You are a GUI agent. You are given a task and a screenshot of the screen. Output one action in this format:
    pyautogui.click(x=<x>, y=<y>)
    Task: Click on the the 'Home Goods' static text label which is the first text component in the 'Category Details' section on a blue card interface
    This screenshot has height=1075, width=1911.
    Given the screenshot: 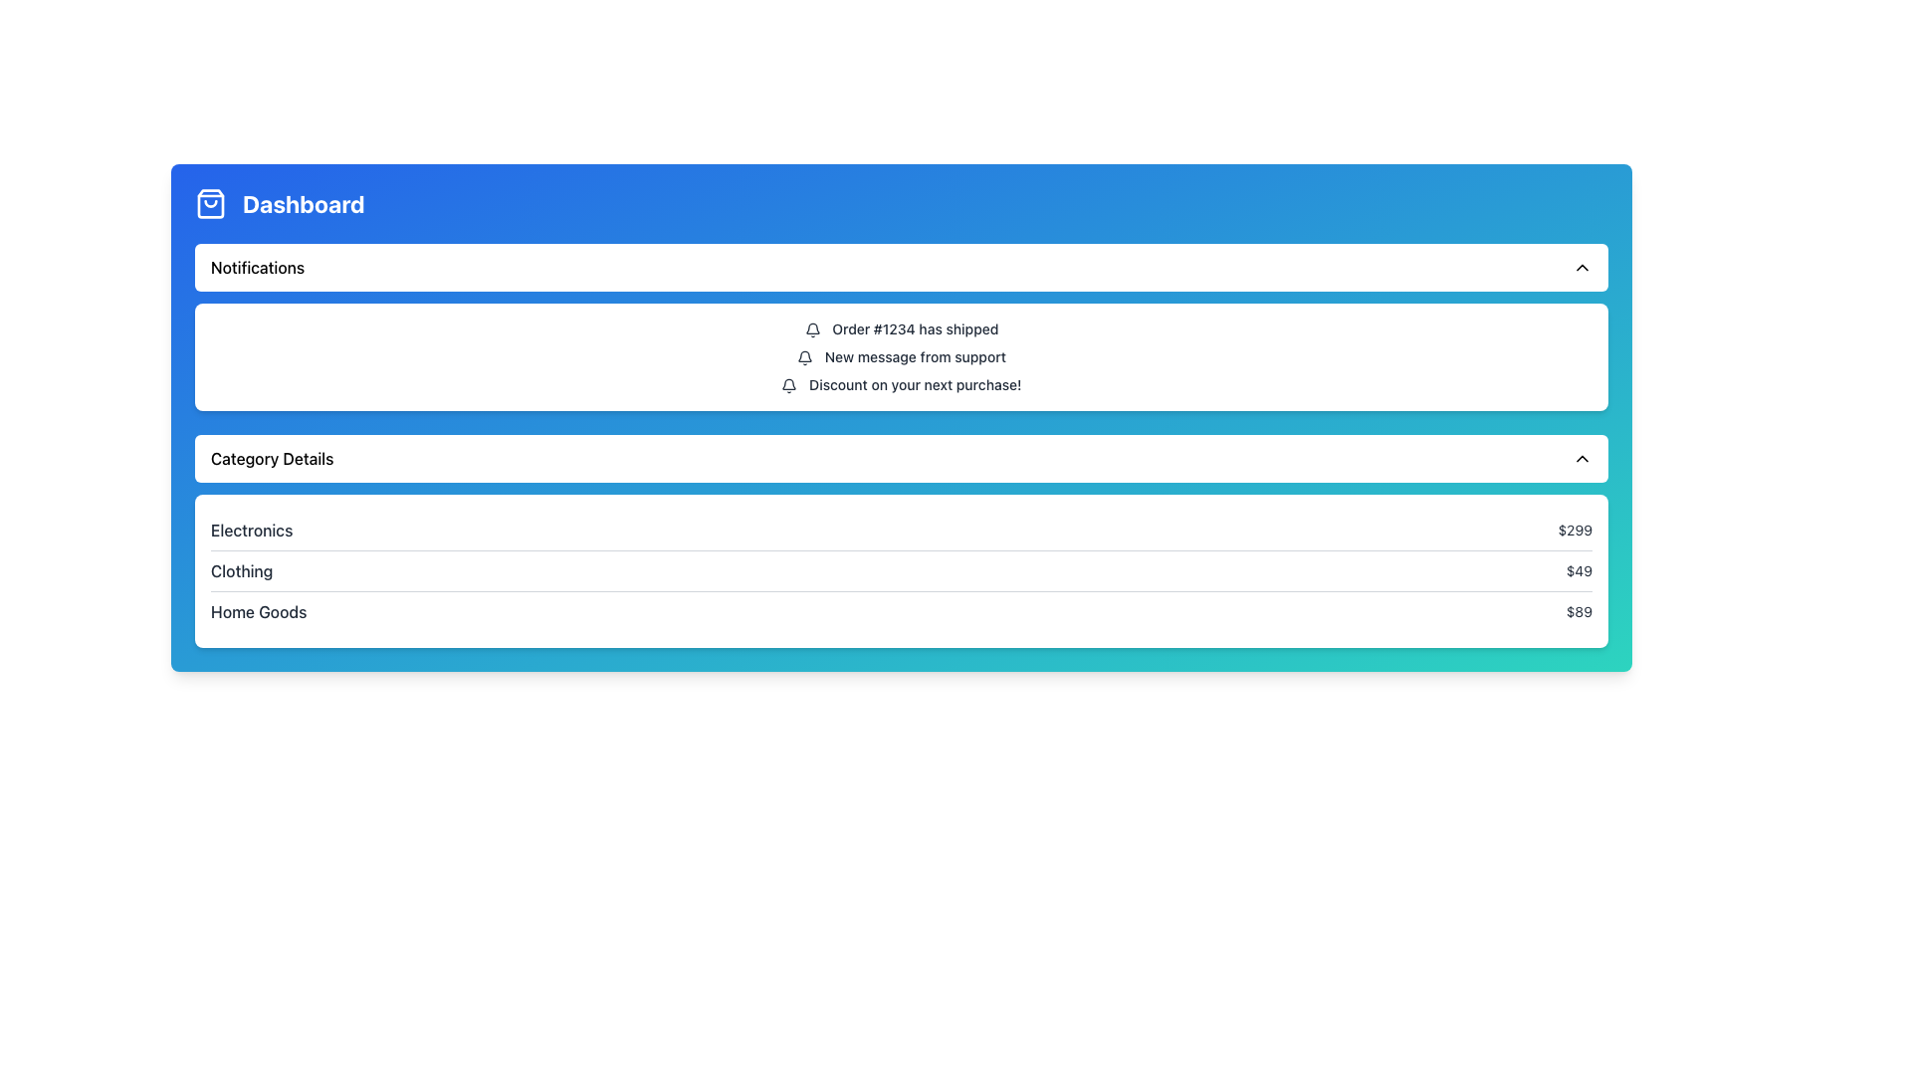 What is the action you would take?
    pyautogui.click(x=258, y=610)
    